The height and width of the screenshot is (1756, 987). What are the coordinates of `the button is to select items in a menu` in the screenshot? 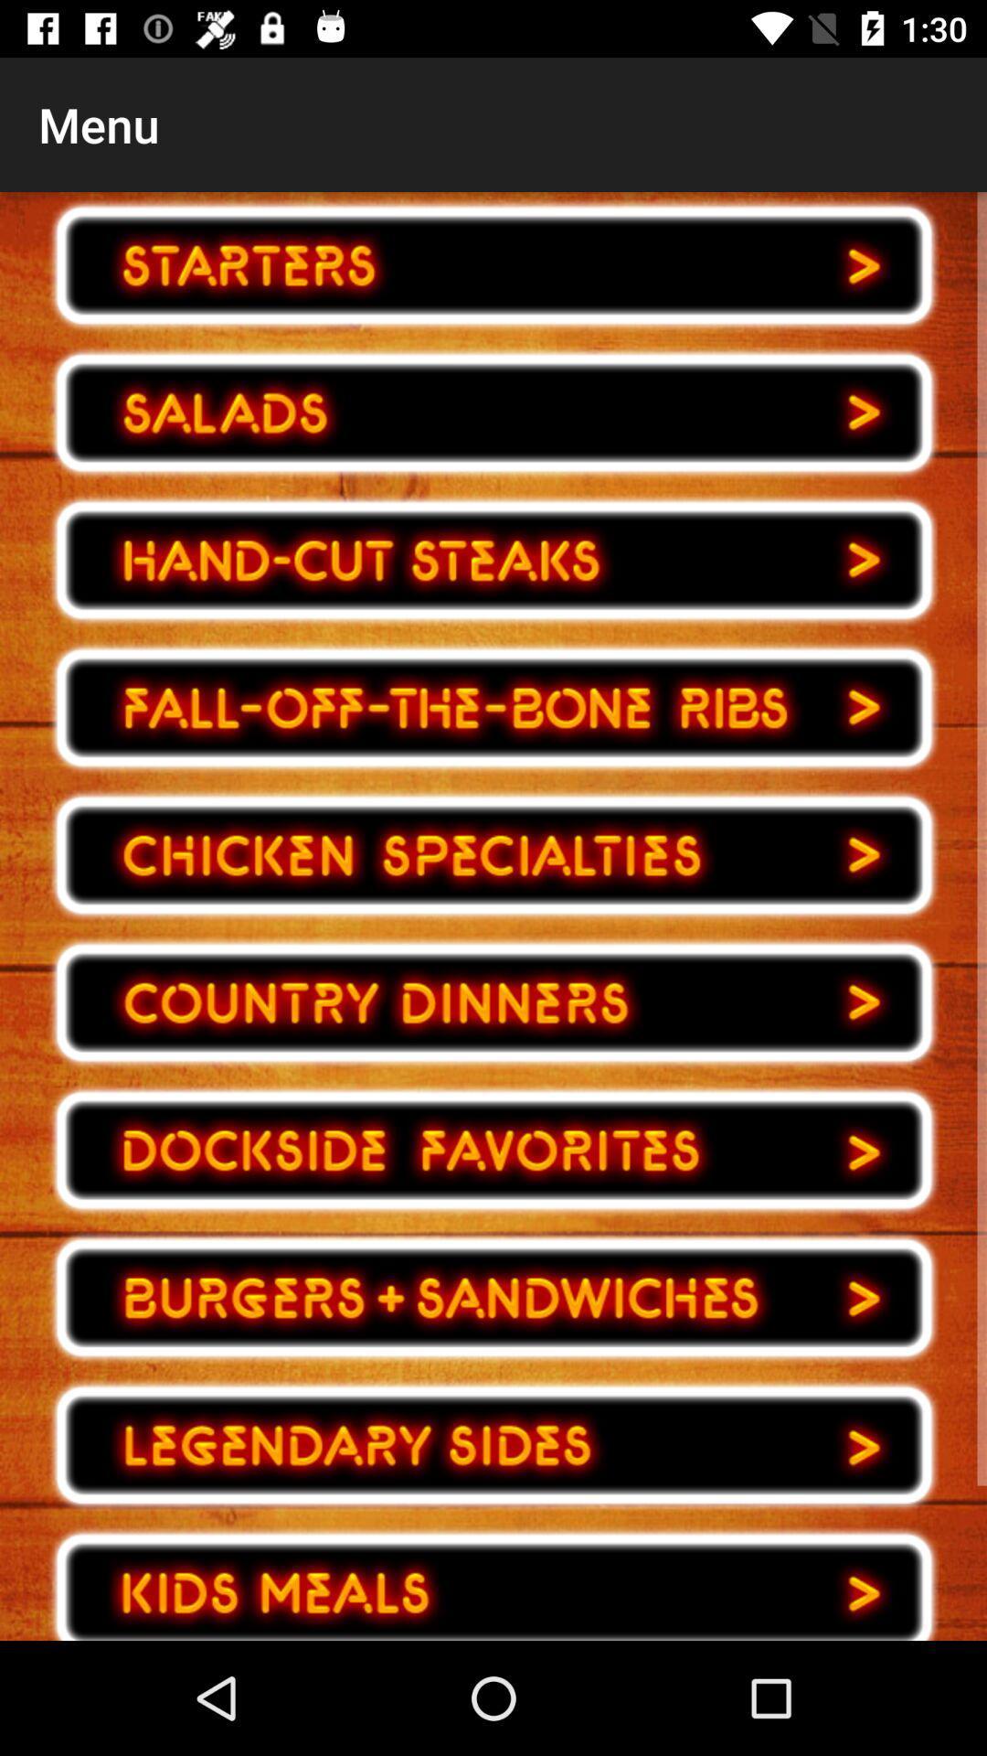 It's located at (493, 707).